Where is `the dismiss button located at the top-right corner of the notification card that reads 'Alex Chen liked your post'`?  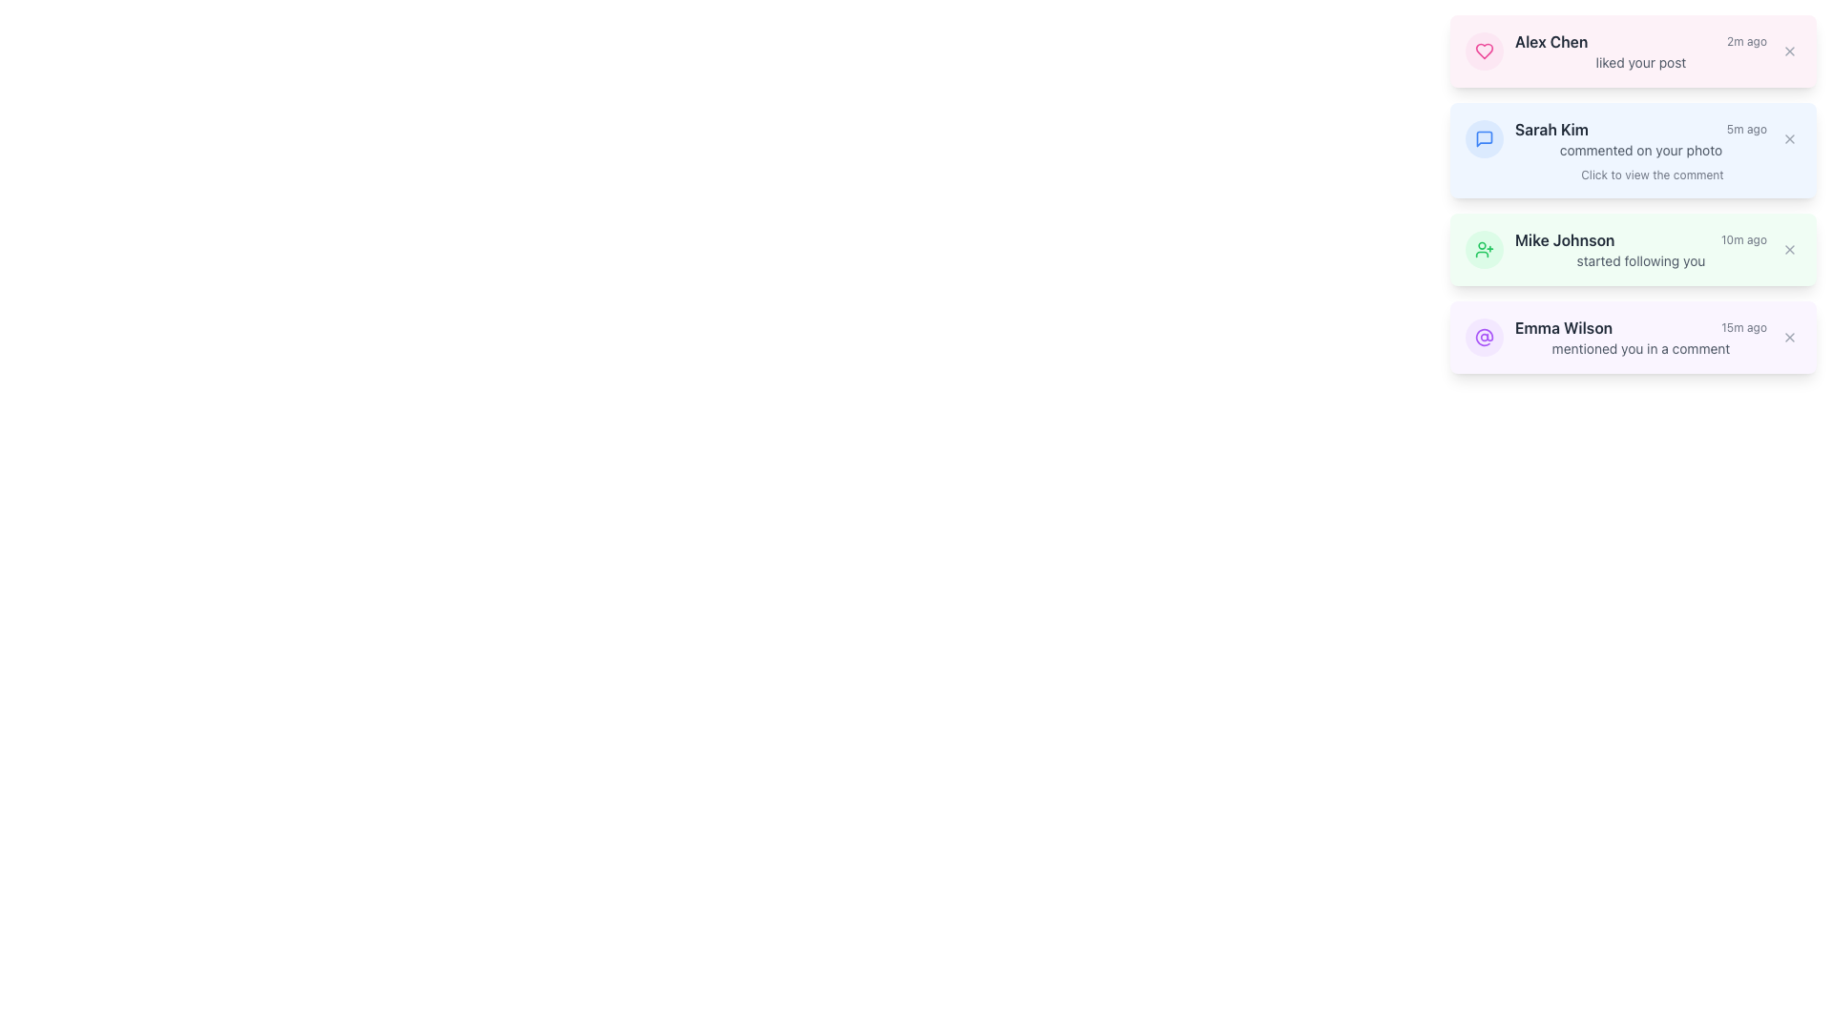 the dismiss button located at the top-right corner of the notification card that reads 'Alex Chen liked your post' is located at coordinates (1789, 51).